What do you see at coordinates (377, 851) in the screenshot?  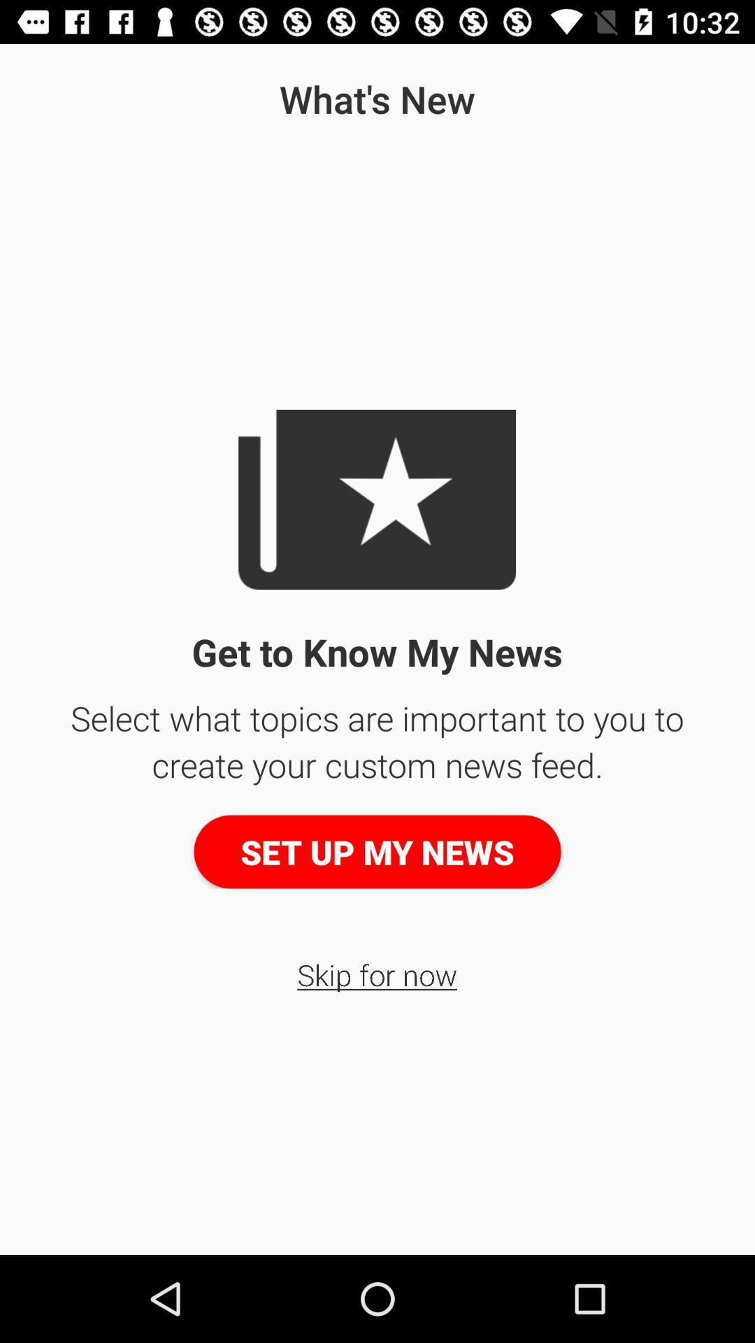 I see `app above the skip for now` at bounding box center [377, 851].